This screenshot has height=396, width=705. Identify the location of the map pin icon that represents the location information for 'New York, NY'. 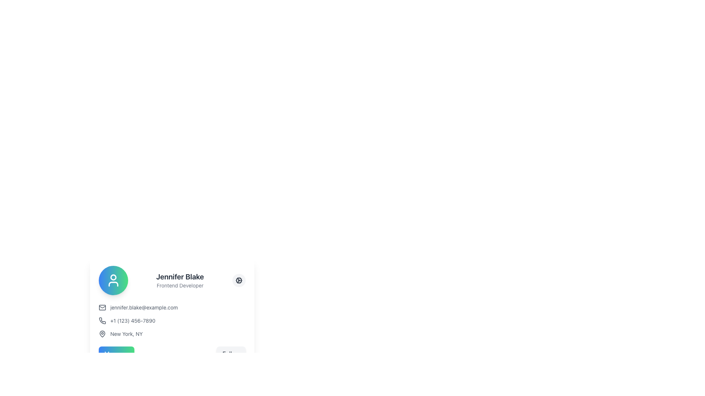
(102, 334).